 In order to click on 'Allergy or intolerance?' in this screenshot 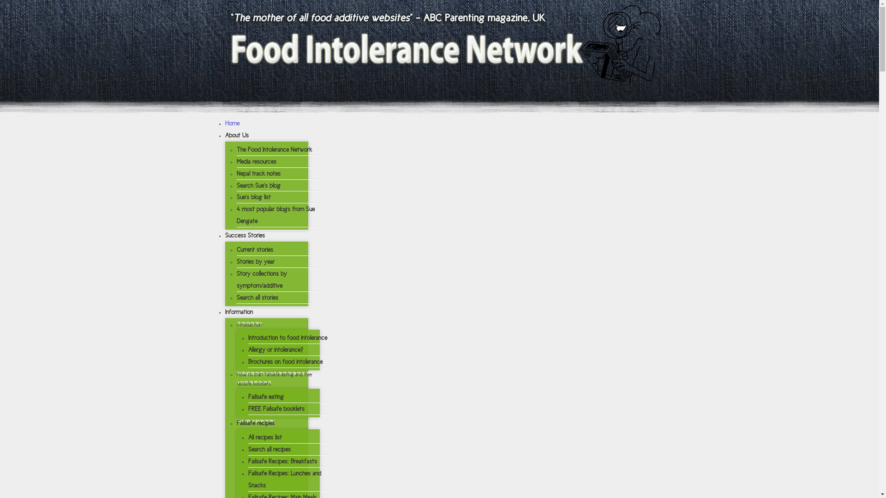, I will do `click(275, 350)`.